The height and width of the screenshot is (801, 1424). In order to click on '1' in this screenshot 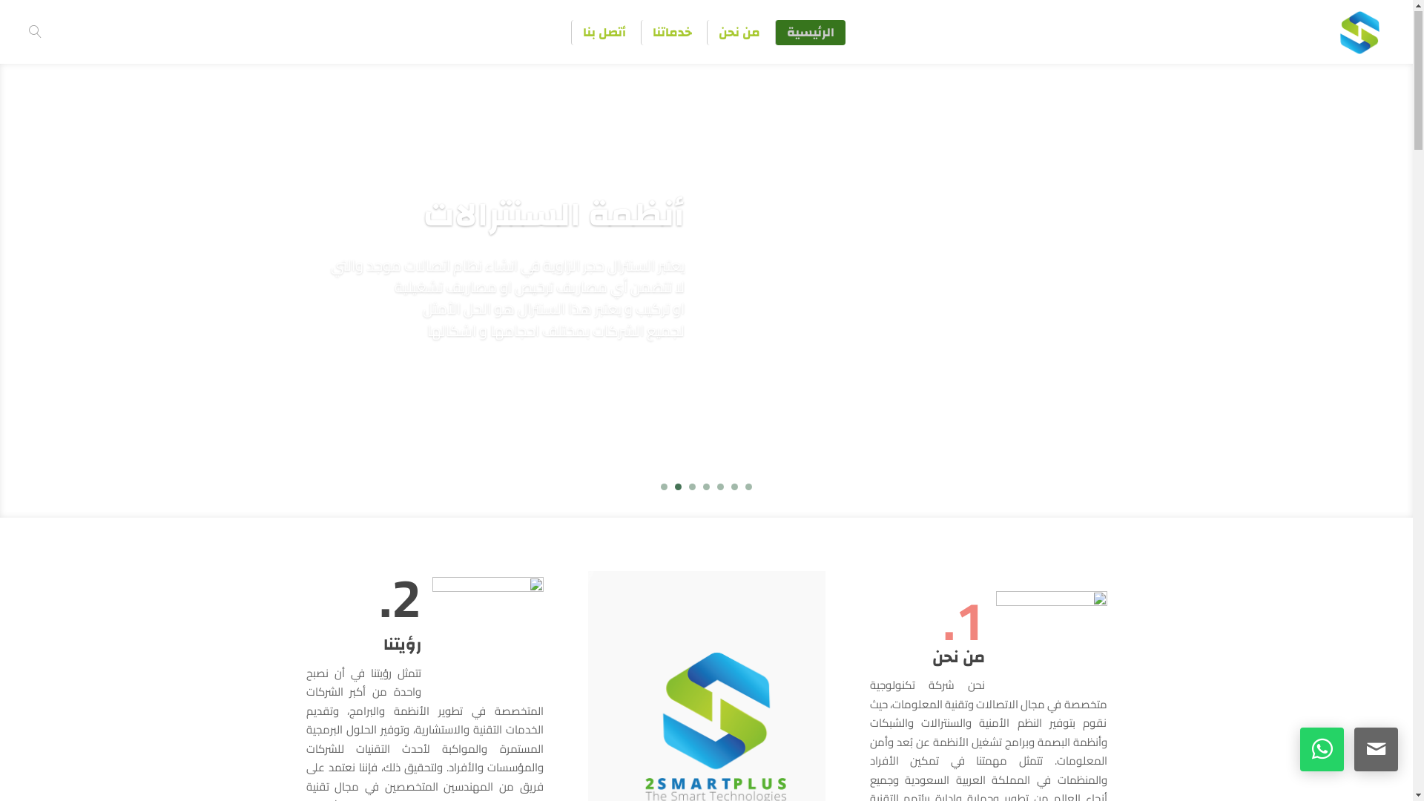, I will do `click(748, 487)`.